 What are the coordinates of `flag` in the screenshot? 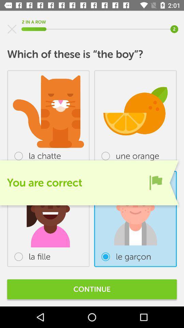 It's located at (156, 182).